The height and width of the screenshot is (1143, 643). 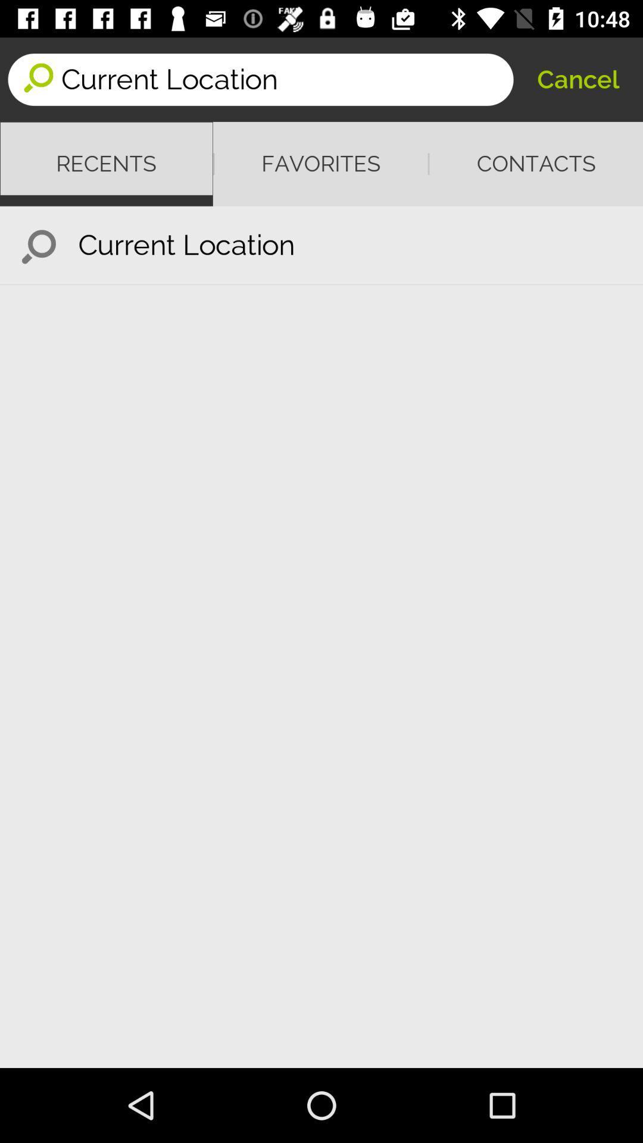 What do you see at coordinates (38, 245) in the screenshot?
I see `icon next to the current location` at bounding box center [38, 245].